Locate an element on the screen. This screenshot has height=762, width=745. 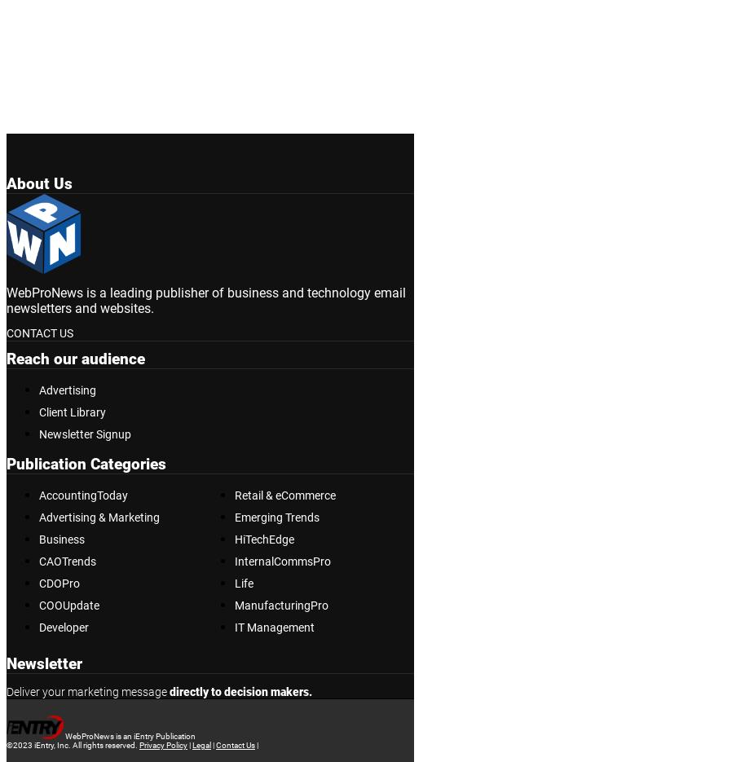
'Reach our audience' is located at coordinates (76, 358).